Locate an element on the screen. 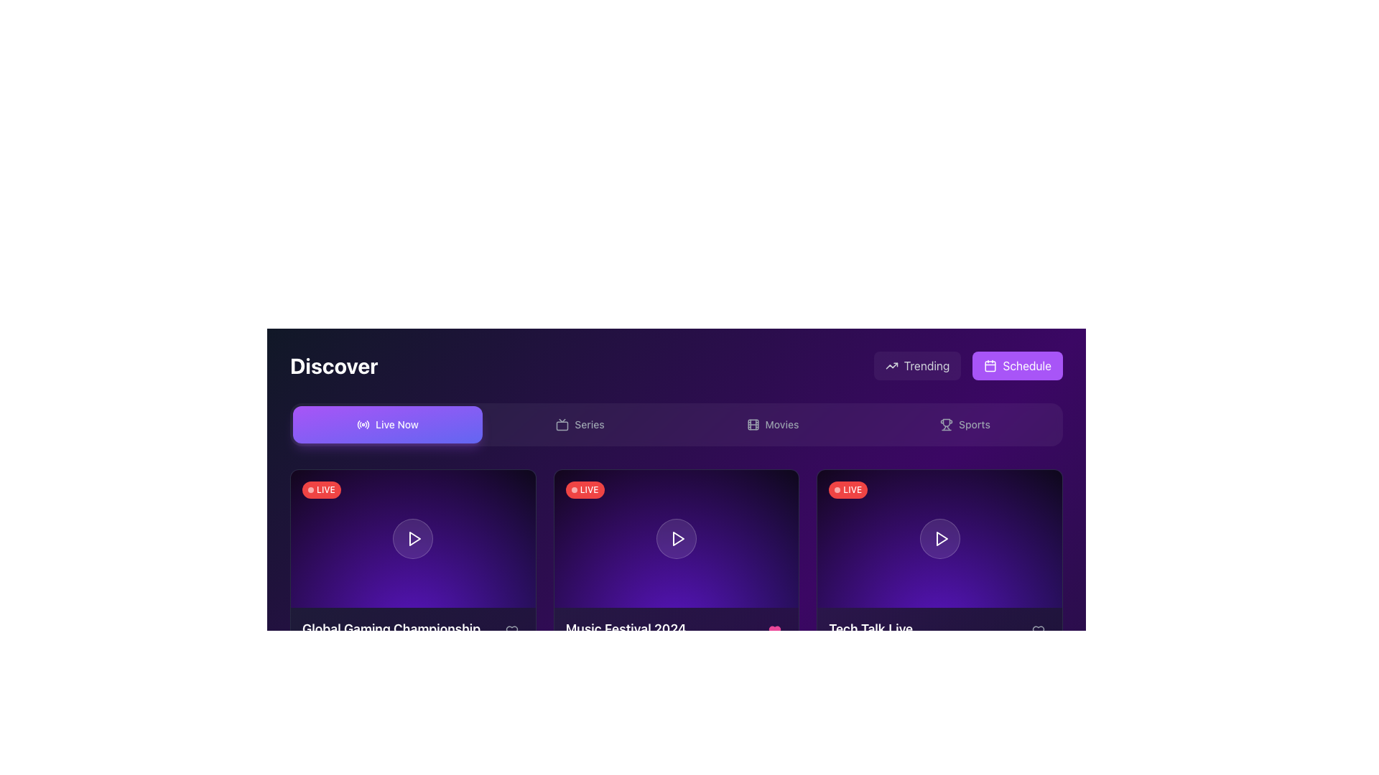 The height and width of the screenshot is (775, 1379). triangular arrow icon within the SVG component located near the 'Trending' button in the upper-right portion of the interface for debugging purposes is located at coordinates (891, 365).